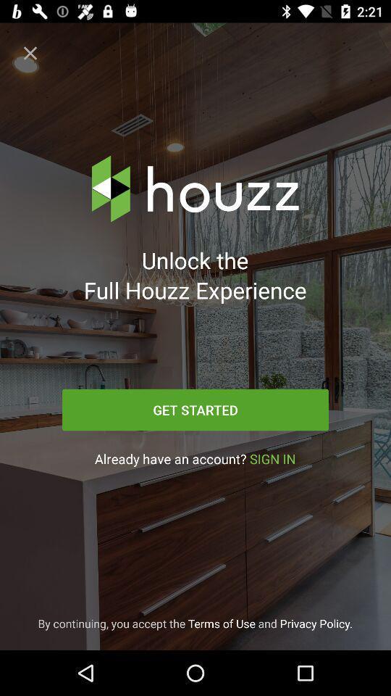 The image size is (391, 696). Describe the element at coordinates (195, 410) in the screenshot. I see `the icon above already have an item` at that location.